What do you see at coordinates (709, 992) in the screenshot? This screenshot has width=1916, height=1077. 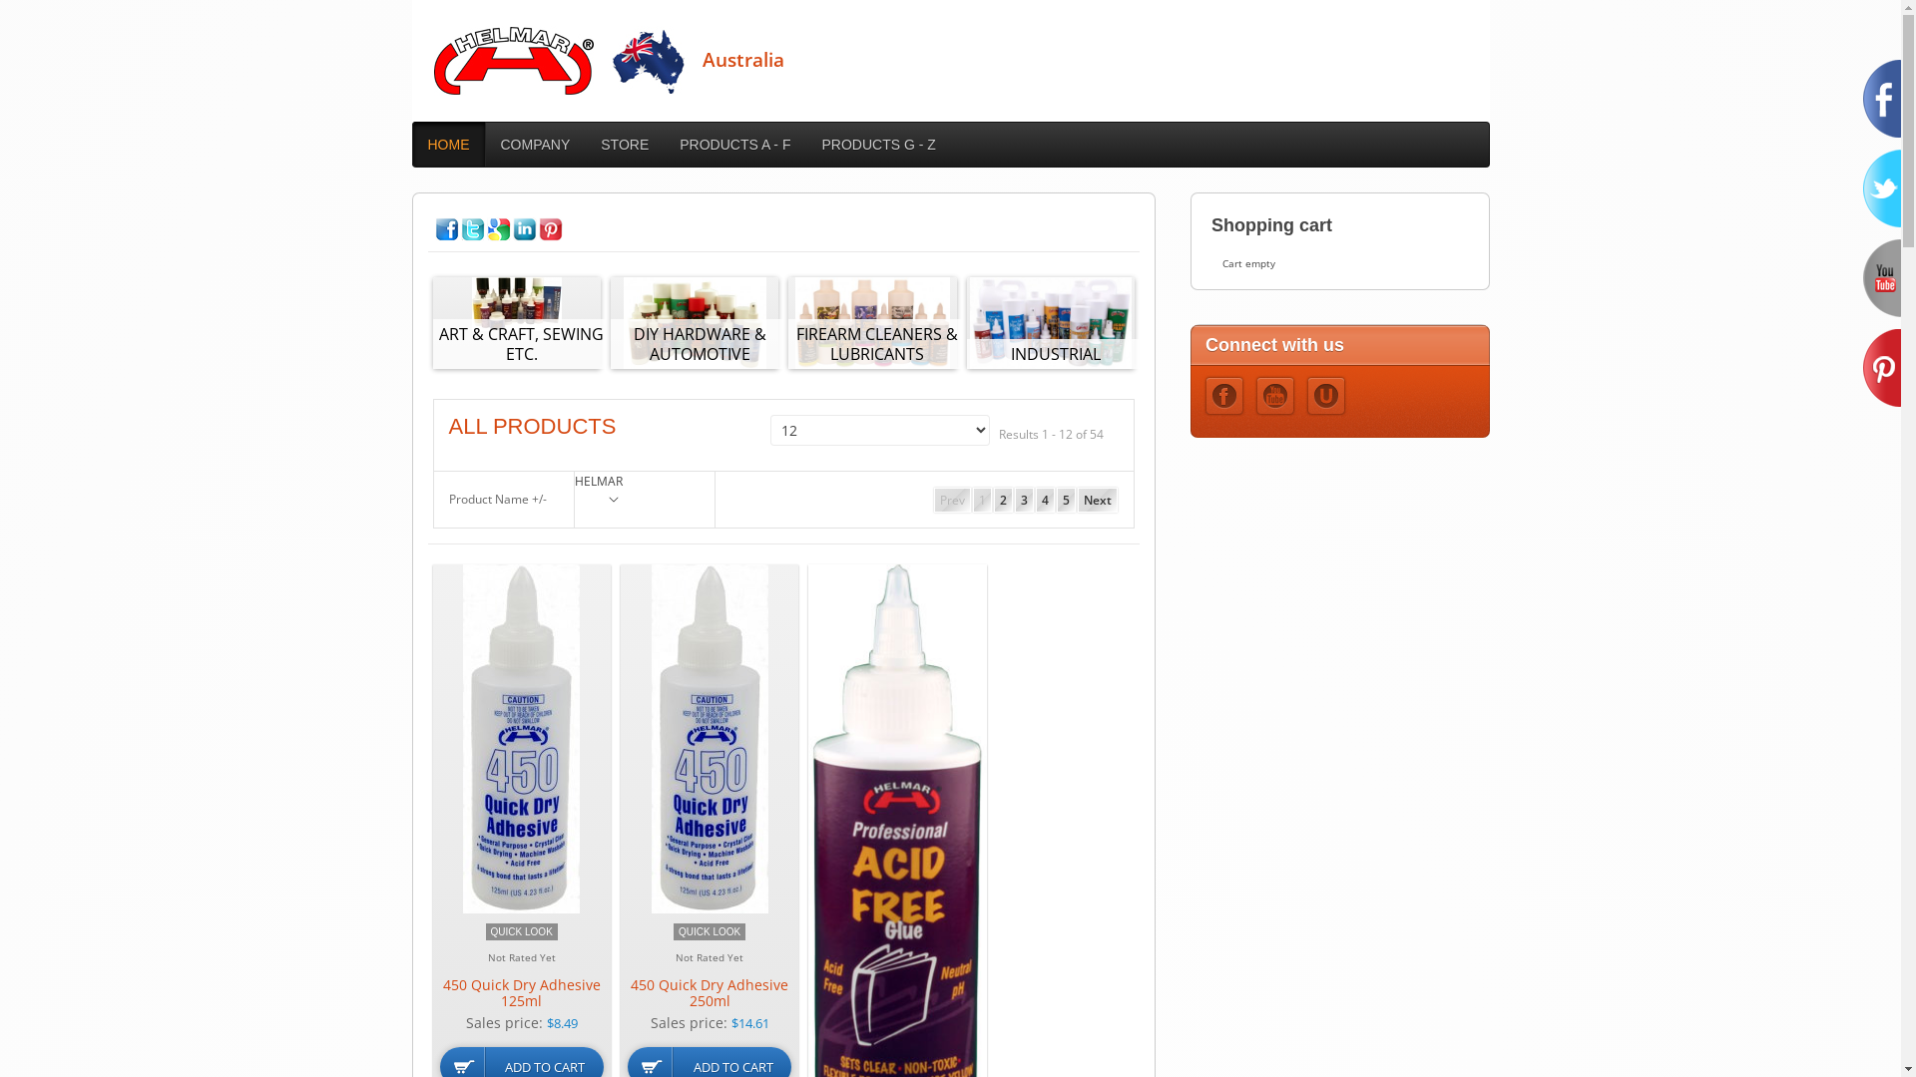 I see `'450 Quick Dry Adhesive 250ml'` at bounding box center [709, 992].